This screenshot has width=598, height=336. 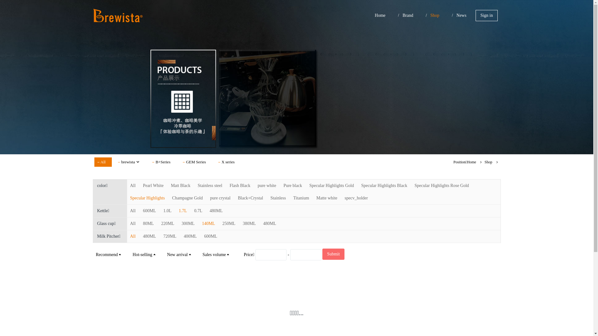 What do you see at coordinates (188, 223) in the screenshot?
I see `'300ML'` at bounding box center [188, 223].